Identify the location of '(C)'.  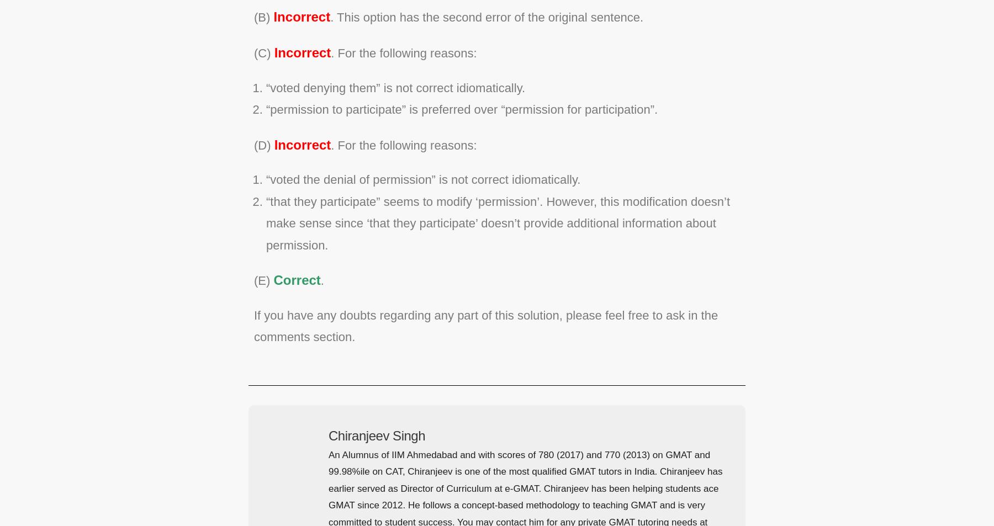
(263, 52).